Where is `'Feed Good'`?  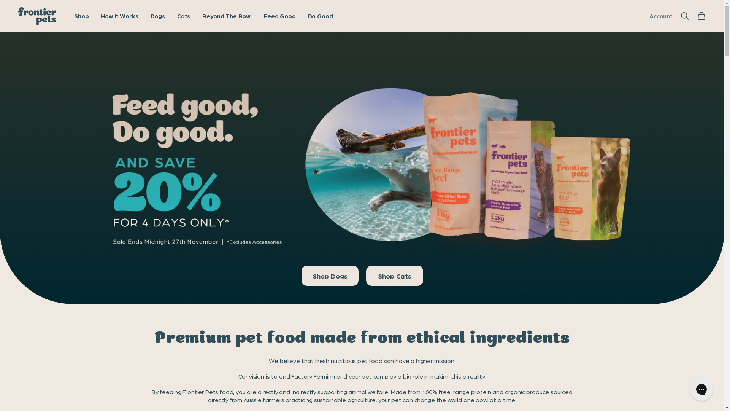
'Feed Good' is located at coordinates (279, 16).